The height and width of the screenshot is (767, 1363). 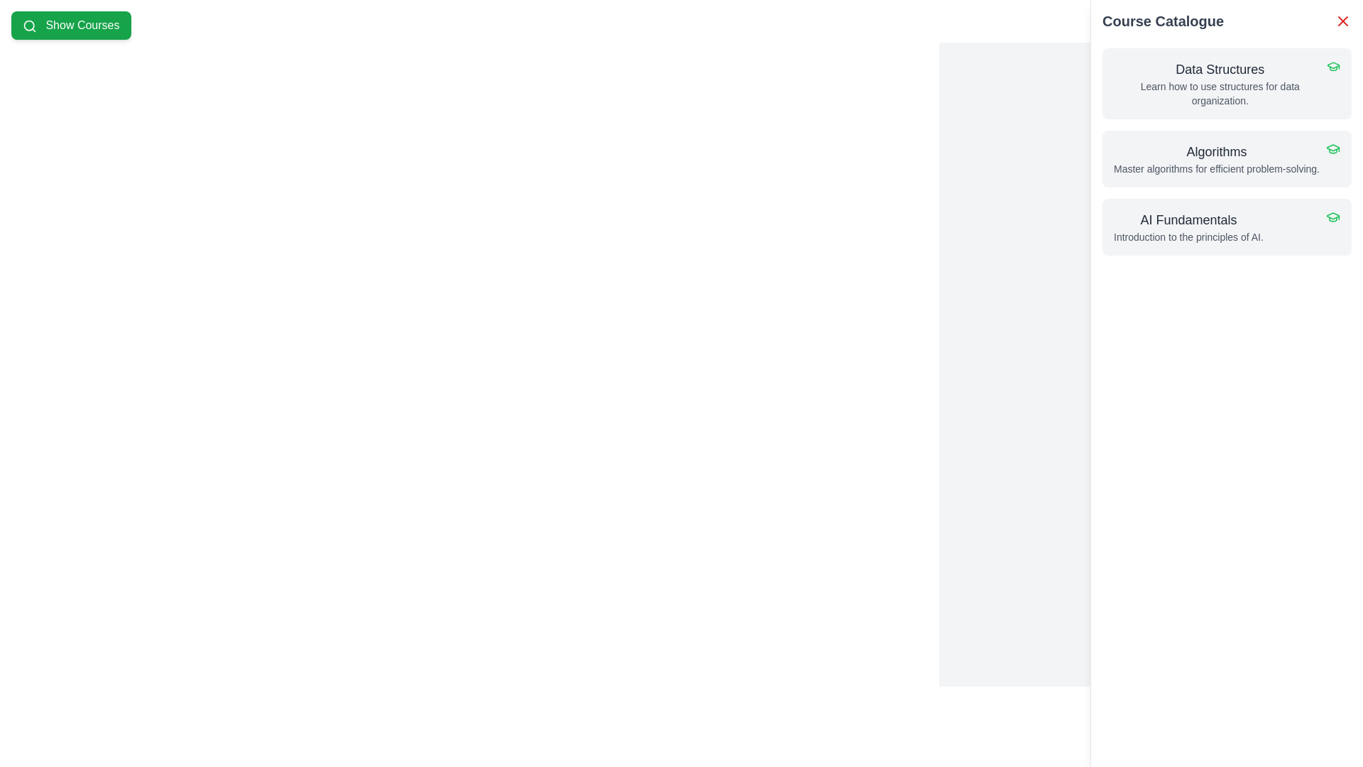 What do you see at coordinates (1188, 227) in the screenshot?
I see `the 'AI Fundamentals' course entry text element` at bounding box center [1188, 227].